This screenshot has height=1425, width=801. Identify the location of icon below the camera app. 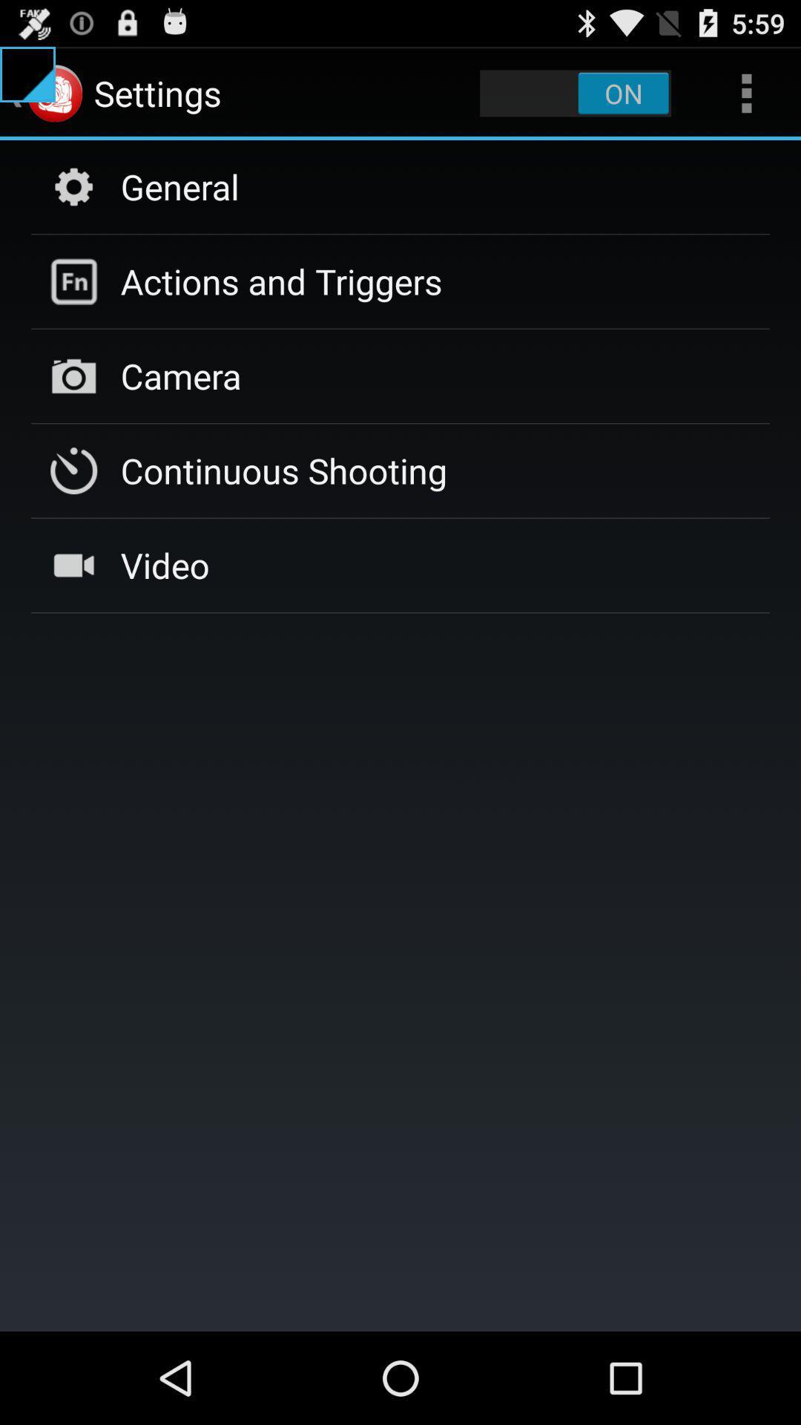
(283, 470).